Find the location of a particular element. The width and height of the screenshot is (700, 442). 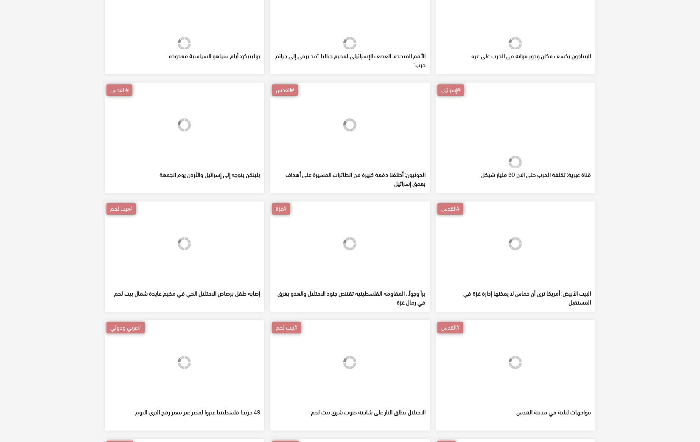

'الأمم المتحدة: القصف الإسرائيلي لمخيم جباليا "قد يرقى إلى جرائم حرب"' is located at coordinates (350, 121).